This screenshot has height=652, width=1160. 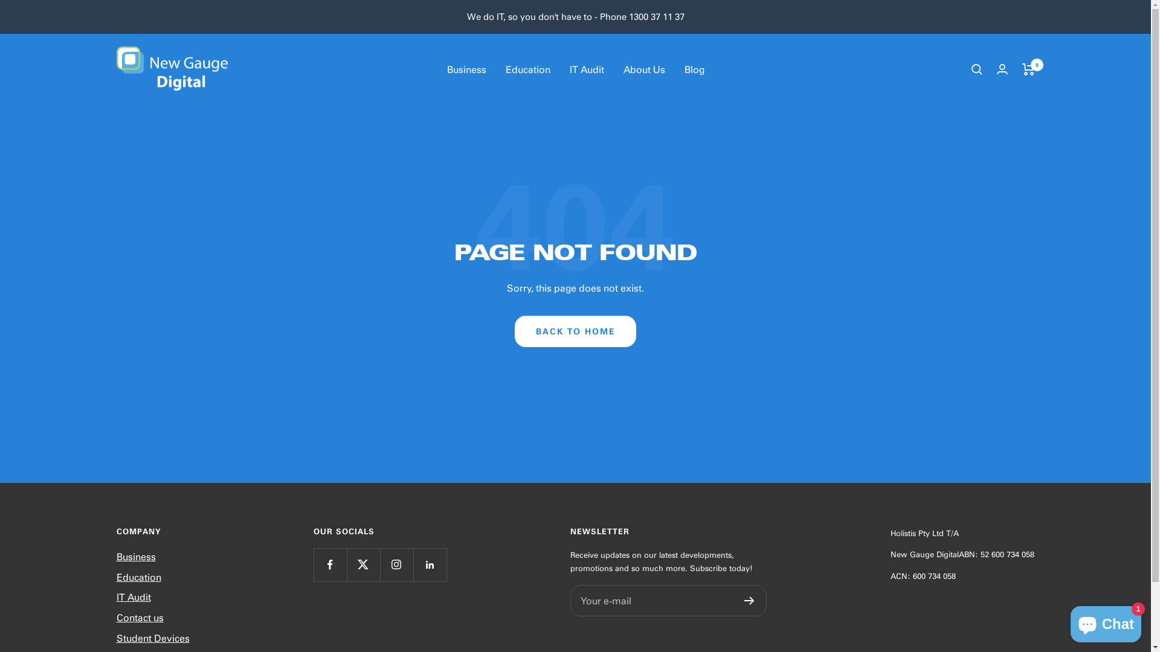 I want to click on 'BACK TO HOME', so click(x=575, y=331).